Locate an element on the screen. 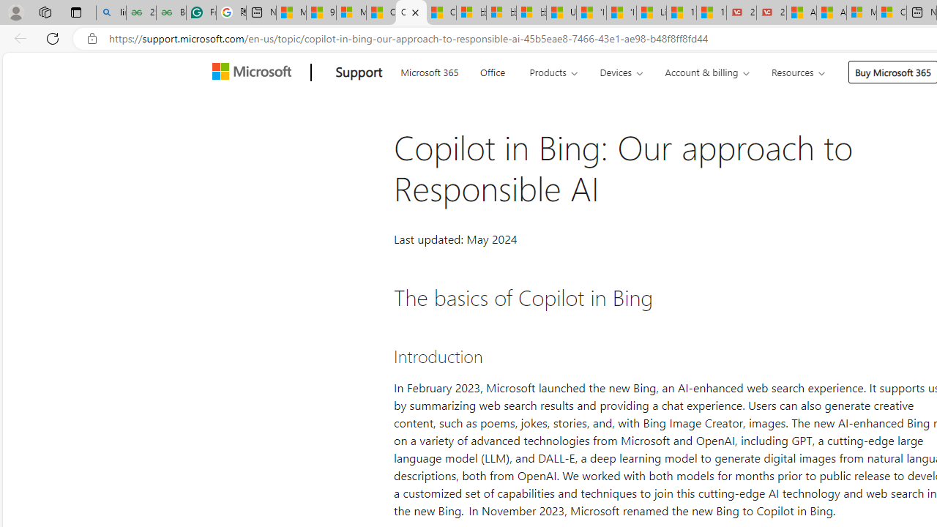 This screenshot has height=527, width=937. 'Support' is located at coordinates (359, 72).